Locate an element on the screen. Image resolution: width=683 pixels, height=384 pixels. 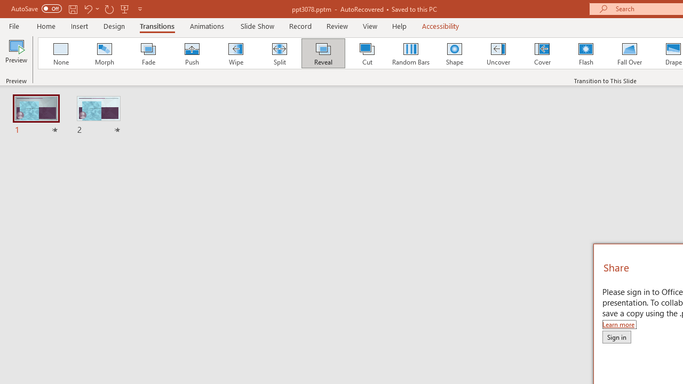
'Sign in' is located at coordinates (616, 337).